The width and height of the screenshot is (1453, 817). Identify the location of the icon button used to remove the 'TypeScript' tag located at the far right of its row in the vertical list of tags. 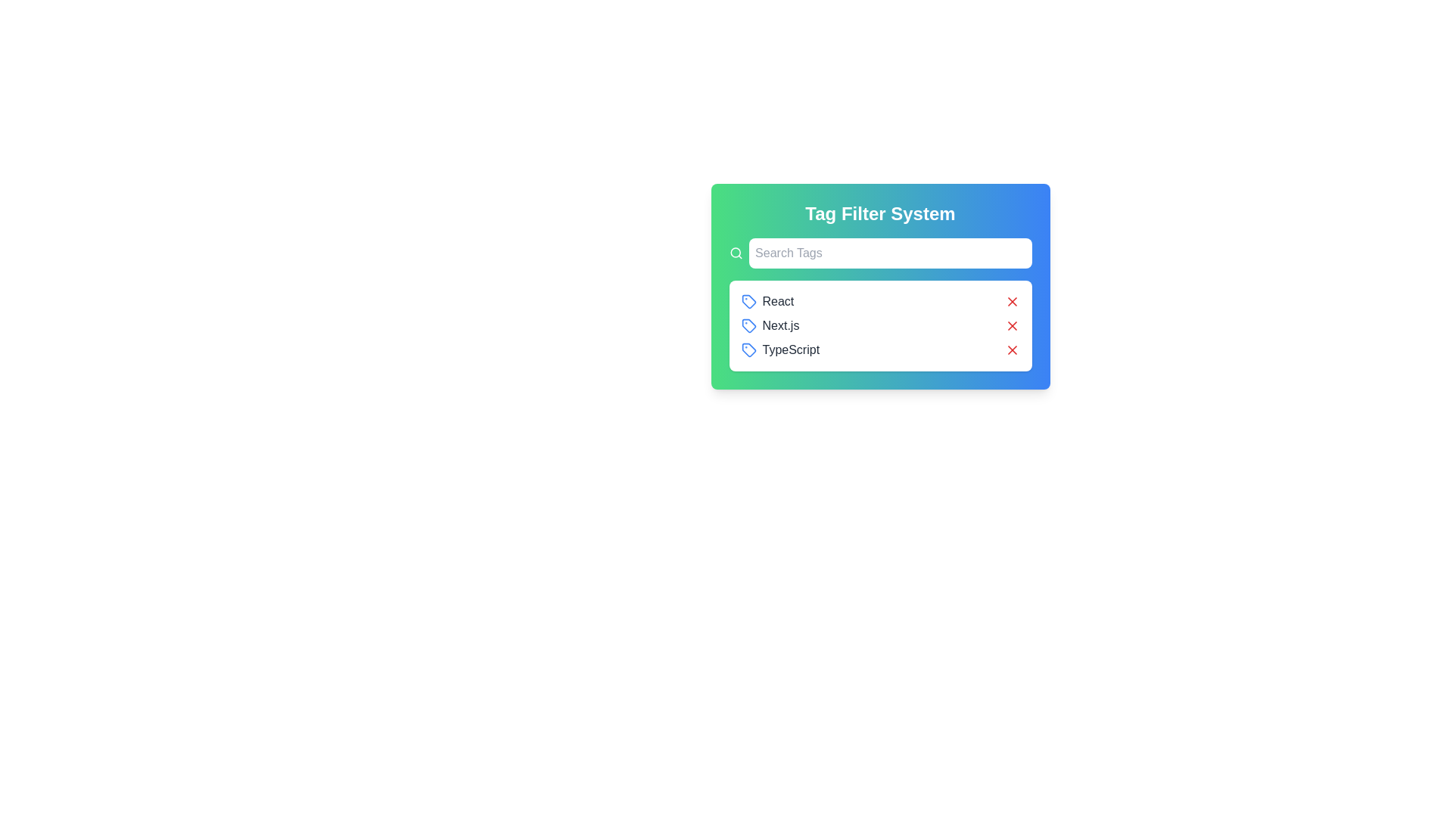
(1012, 349).